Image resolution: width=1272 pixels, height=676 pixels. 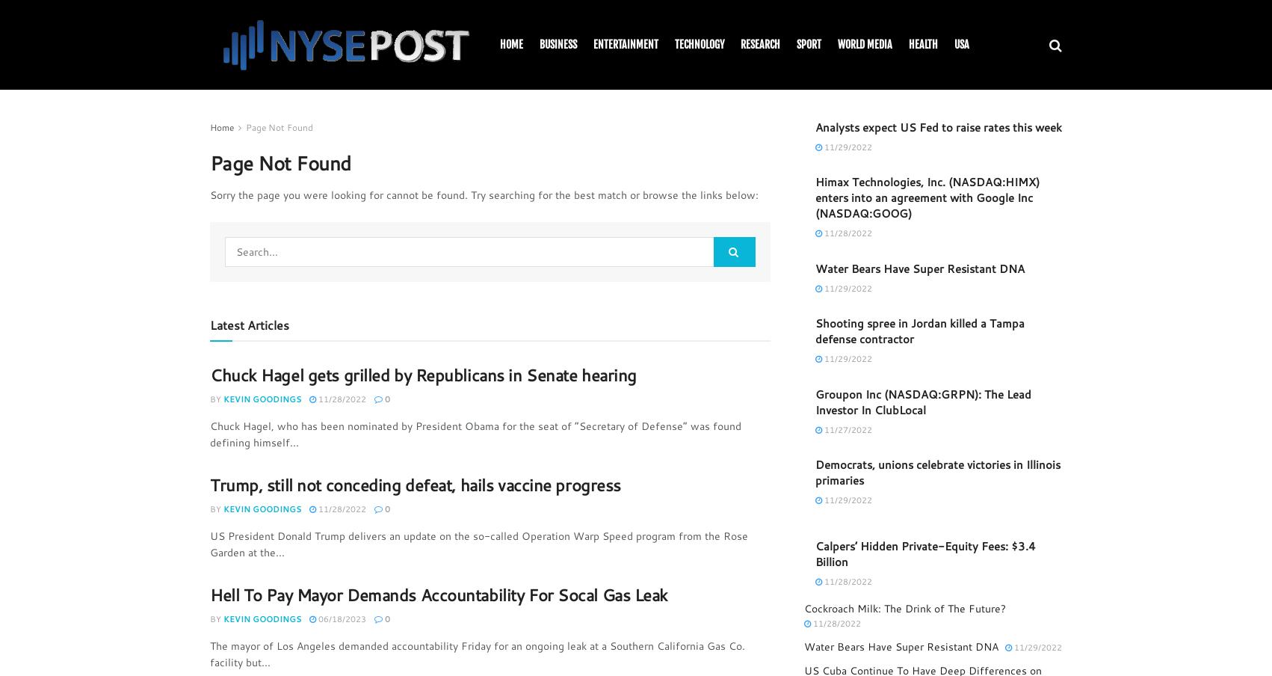 I want to click on 'Hell To Pay Mayor Demands Accountability For Socal Gas Leak', so click(x=209, y=593).